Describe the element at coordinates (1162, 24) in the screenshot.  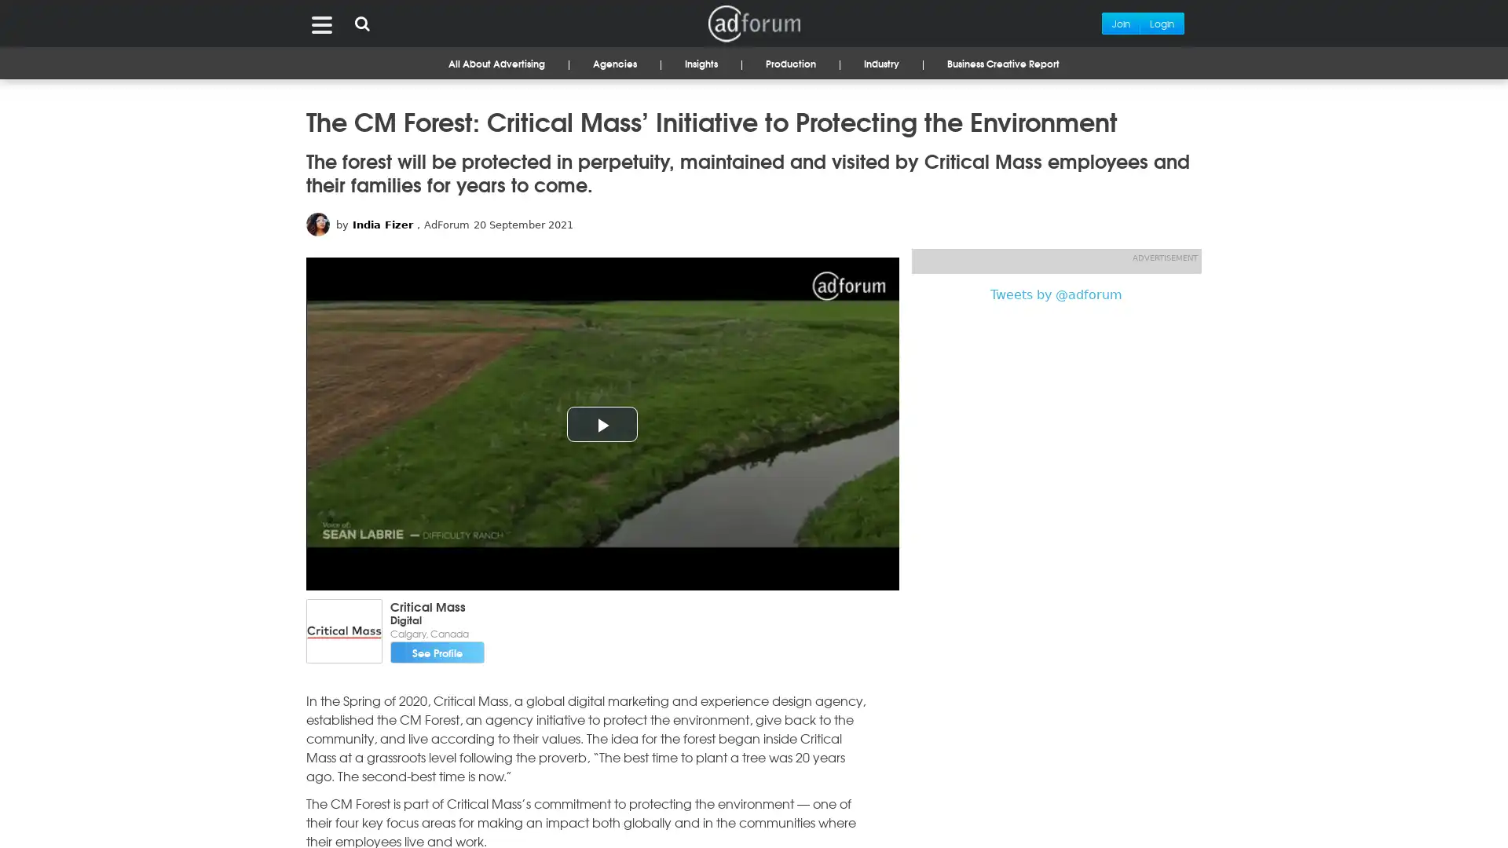
I see `Login` at that location.